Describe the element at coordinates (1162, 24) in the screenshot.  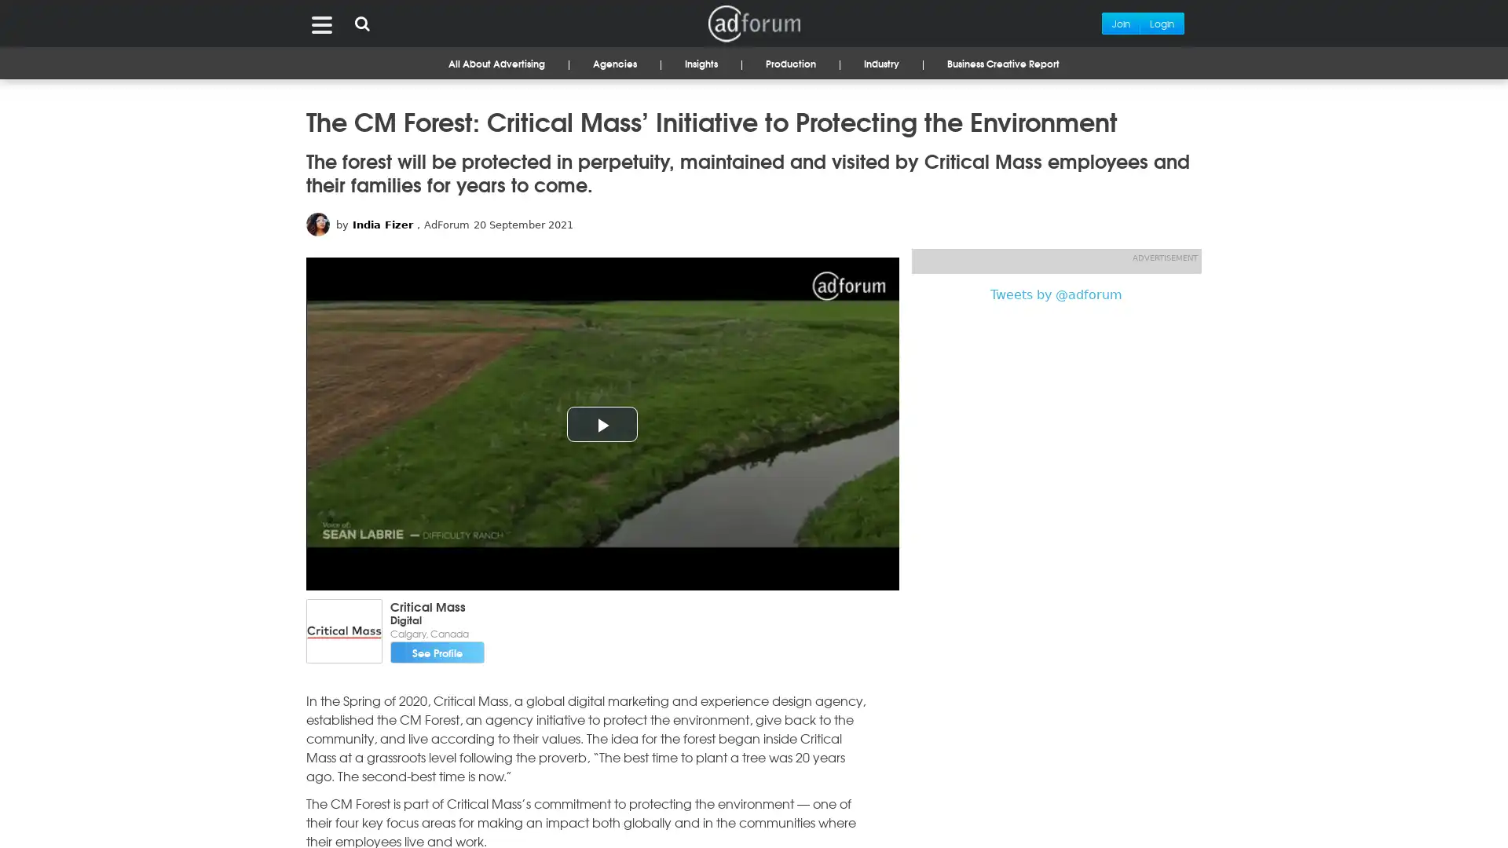
I see `Login` at that location.